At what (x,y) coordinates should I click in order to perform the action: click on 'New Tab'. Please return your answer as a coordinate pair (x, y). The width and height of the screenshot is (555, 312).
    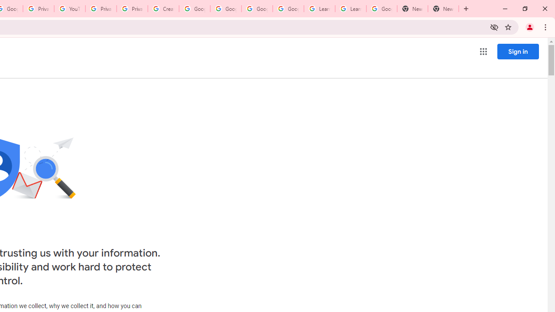
    Looking at the image, I should click on (412, 9).